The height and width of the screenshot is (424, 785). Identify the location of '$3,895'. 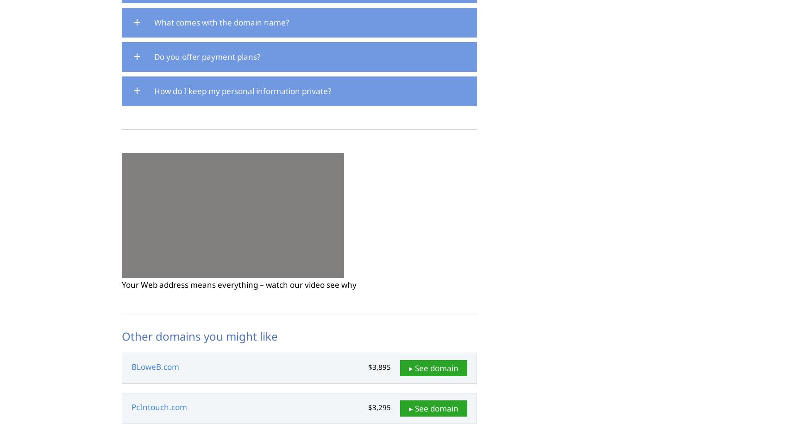
(379, 367).